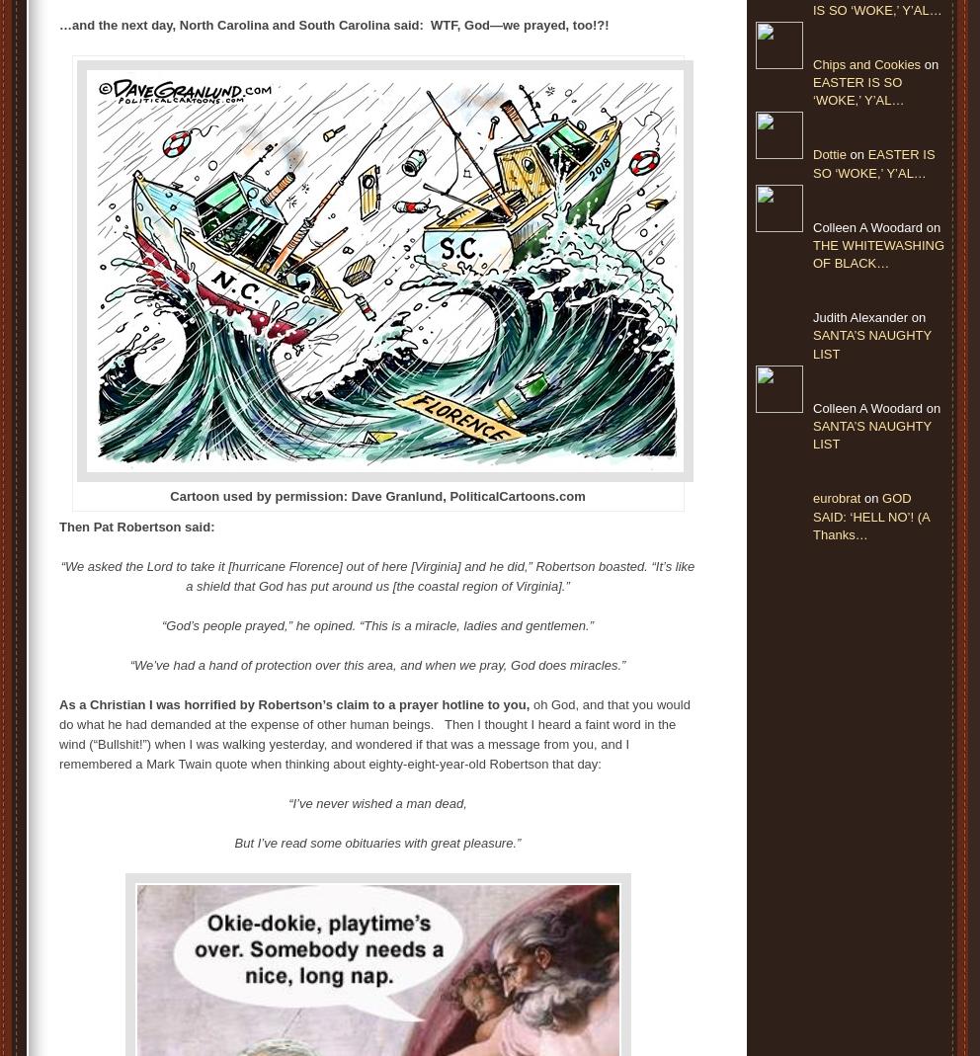  What do you see at coordinates (870, 515) in the screenshot?
I see `'GOD SAID: ‘HELL NO’! (A Thanks…'` at bounding box center [870, 515].